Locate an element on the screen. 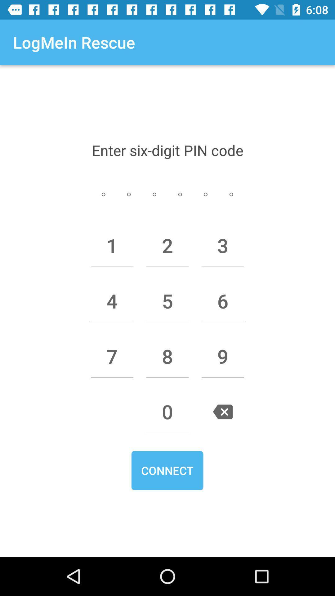  item next to 4 item is located at coordinates (167, 301).